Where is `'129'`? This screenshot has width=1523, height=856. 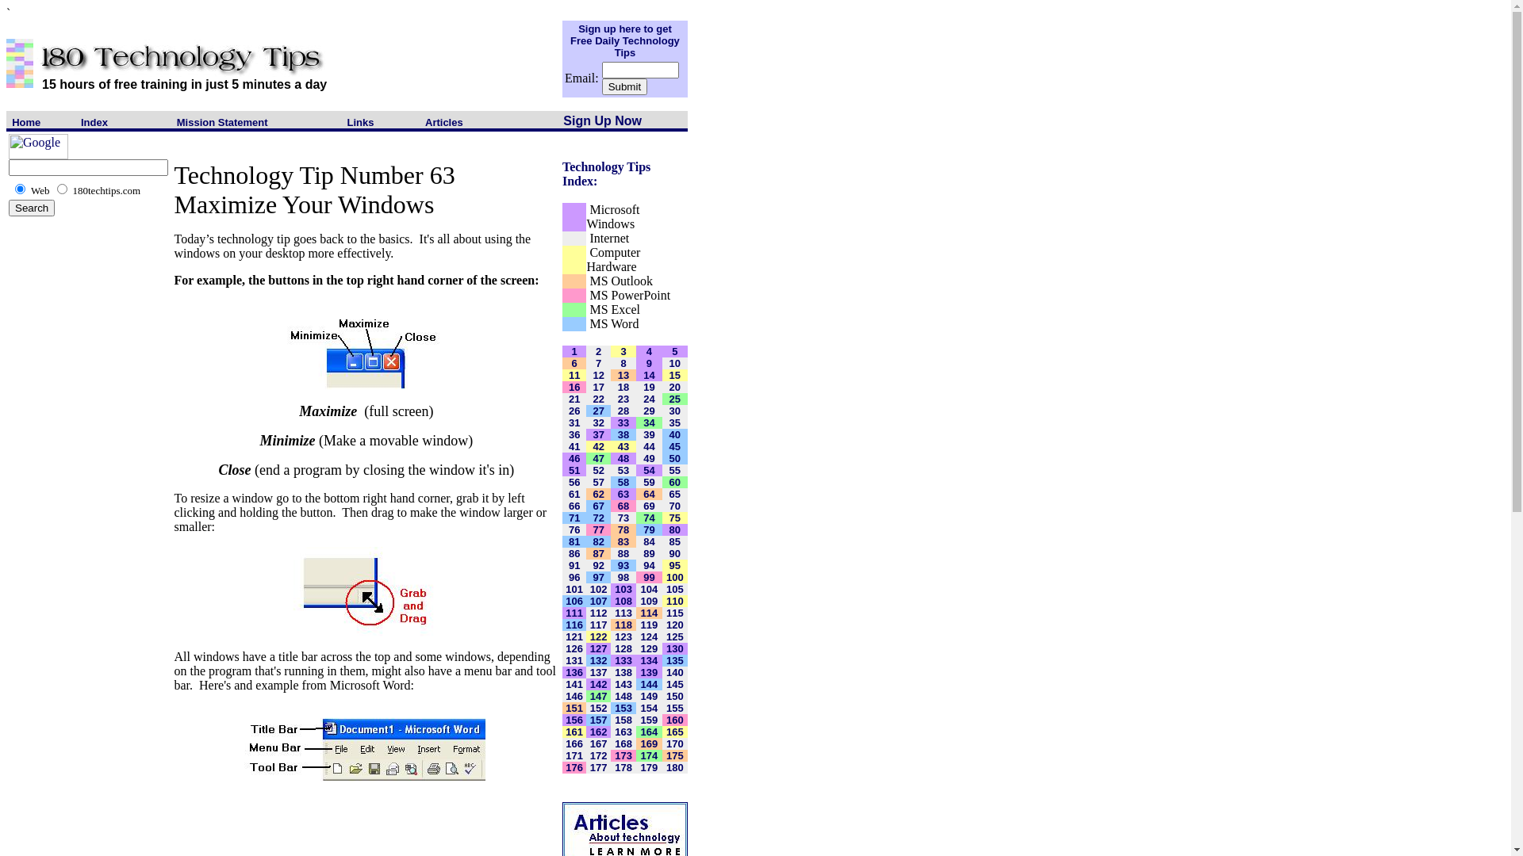
'129' is located at coordinates (650, 648).